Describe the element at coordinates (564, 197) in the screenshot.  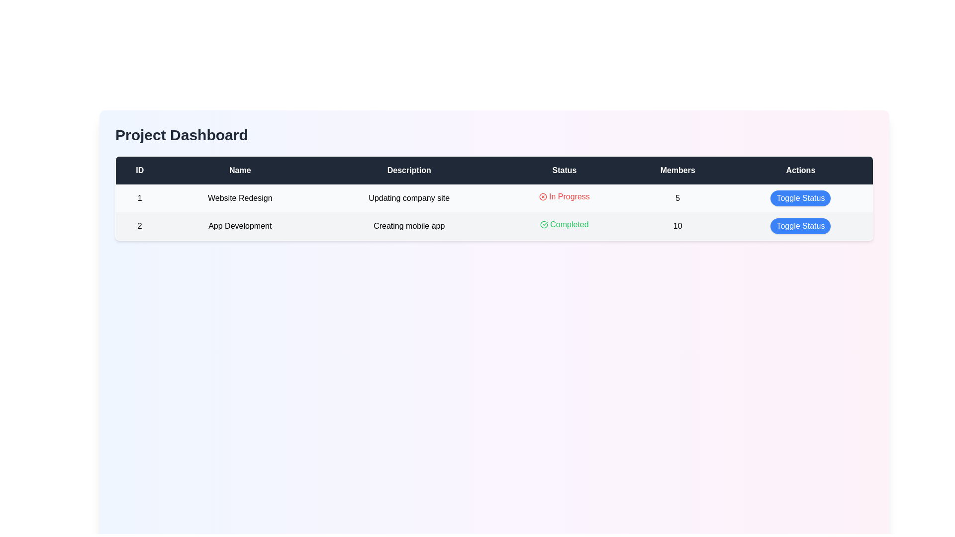
I see `the status of the project indicated by the text and icon in the fourth column of the first row in the data table, which shows 'In Progress'` at that location.